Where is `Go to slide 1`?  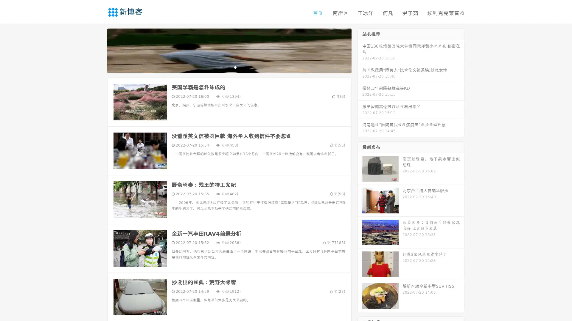 Go to slide 1 is located at coordinates (223, 67).